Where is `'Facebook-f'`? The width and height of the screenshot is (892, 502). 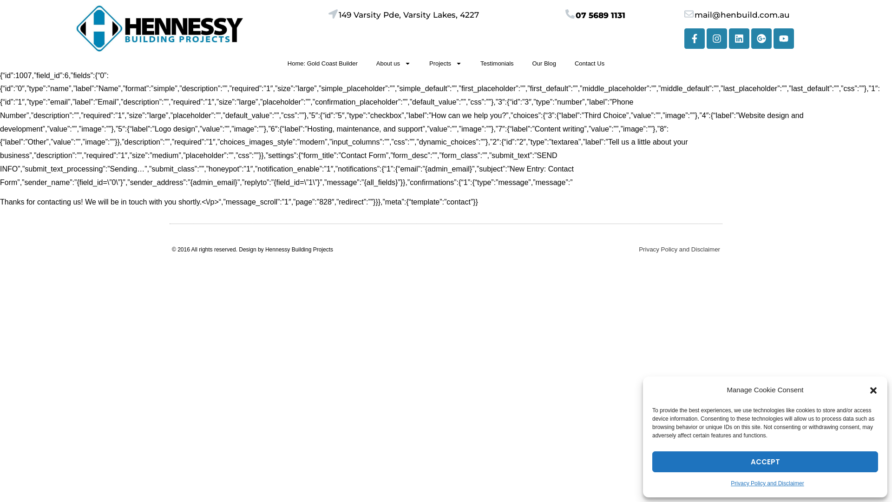 'Facebook-f' is located at coordinates (694, 37).